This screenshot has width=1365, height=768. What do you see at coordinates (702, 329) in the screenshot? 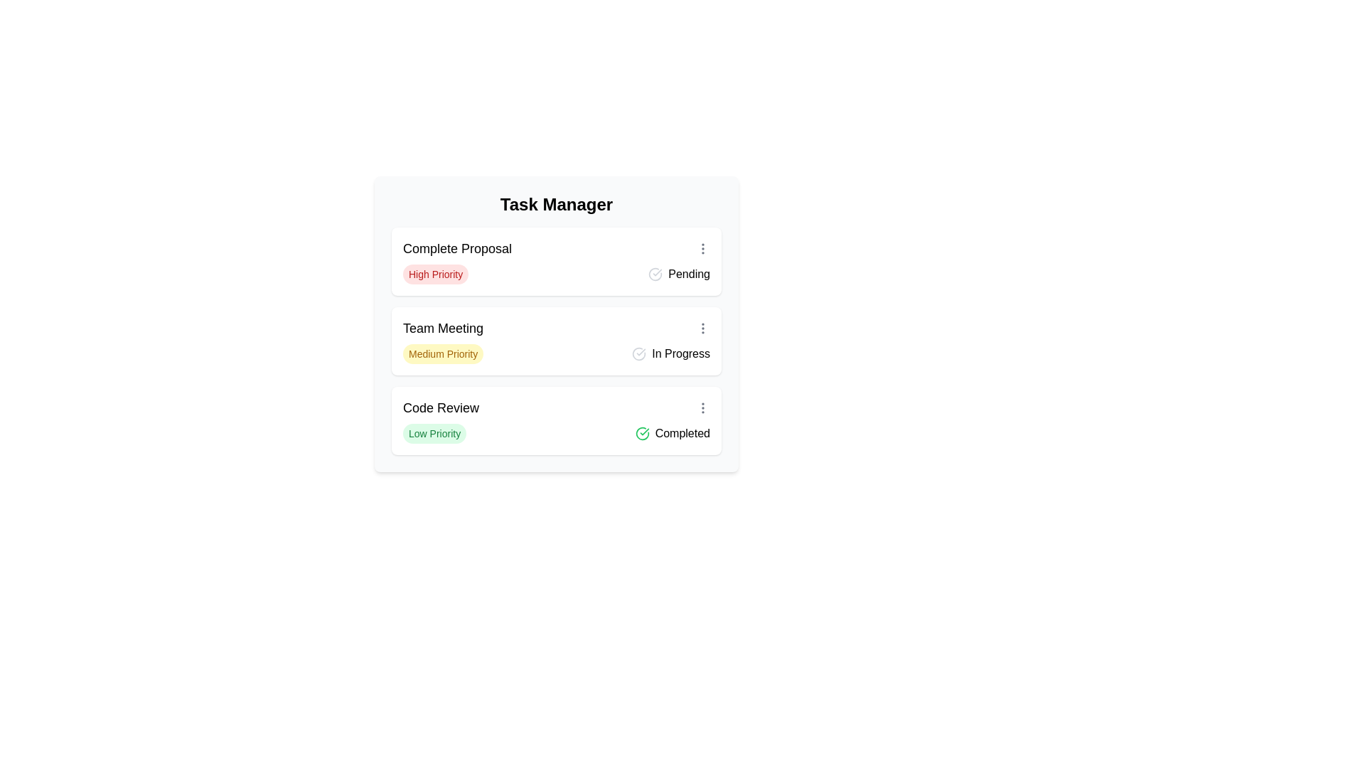
I see `the ellipsis icon button in the 'Team Meeting' section of the 'Task Manager' interface` at bounding box center [702, 329].